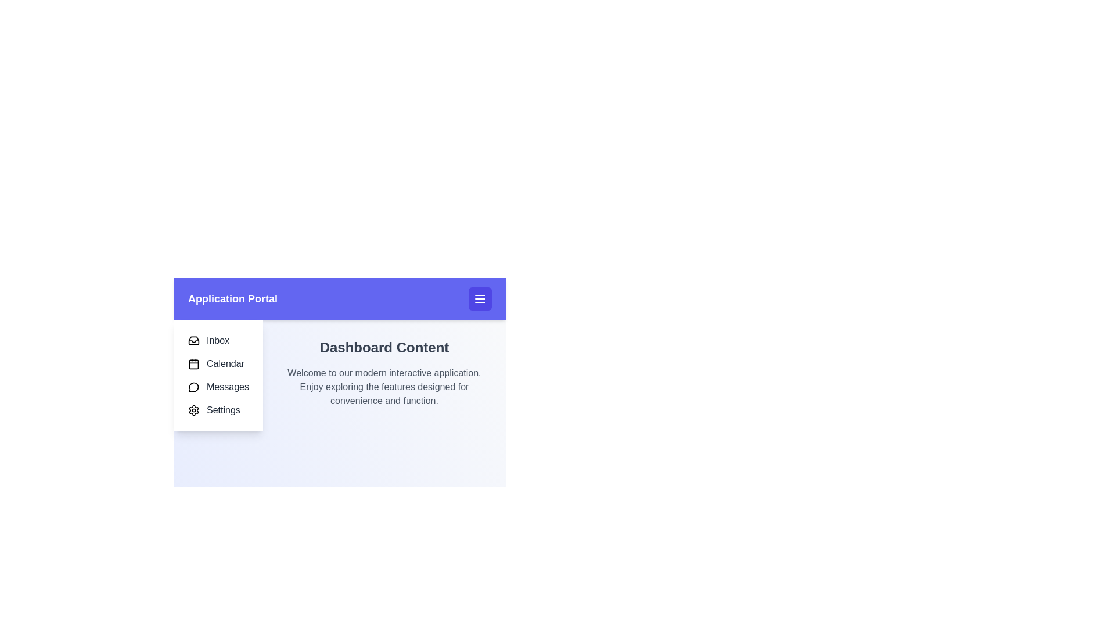 Image resolution: width=1115 pixels, height=627 pixels. I want to click on 'Inbox' text label located in the vertical navigation bar on the left side of the interface, positioned below the 'Application Portal' section and following the inbox icon, so click(218, 340).